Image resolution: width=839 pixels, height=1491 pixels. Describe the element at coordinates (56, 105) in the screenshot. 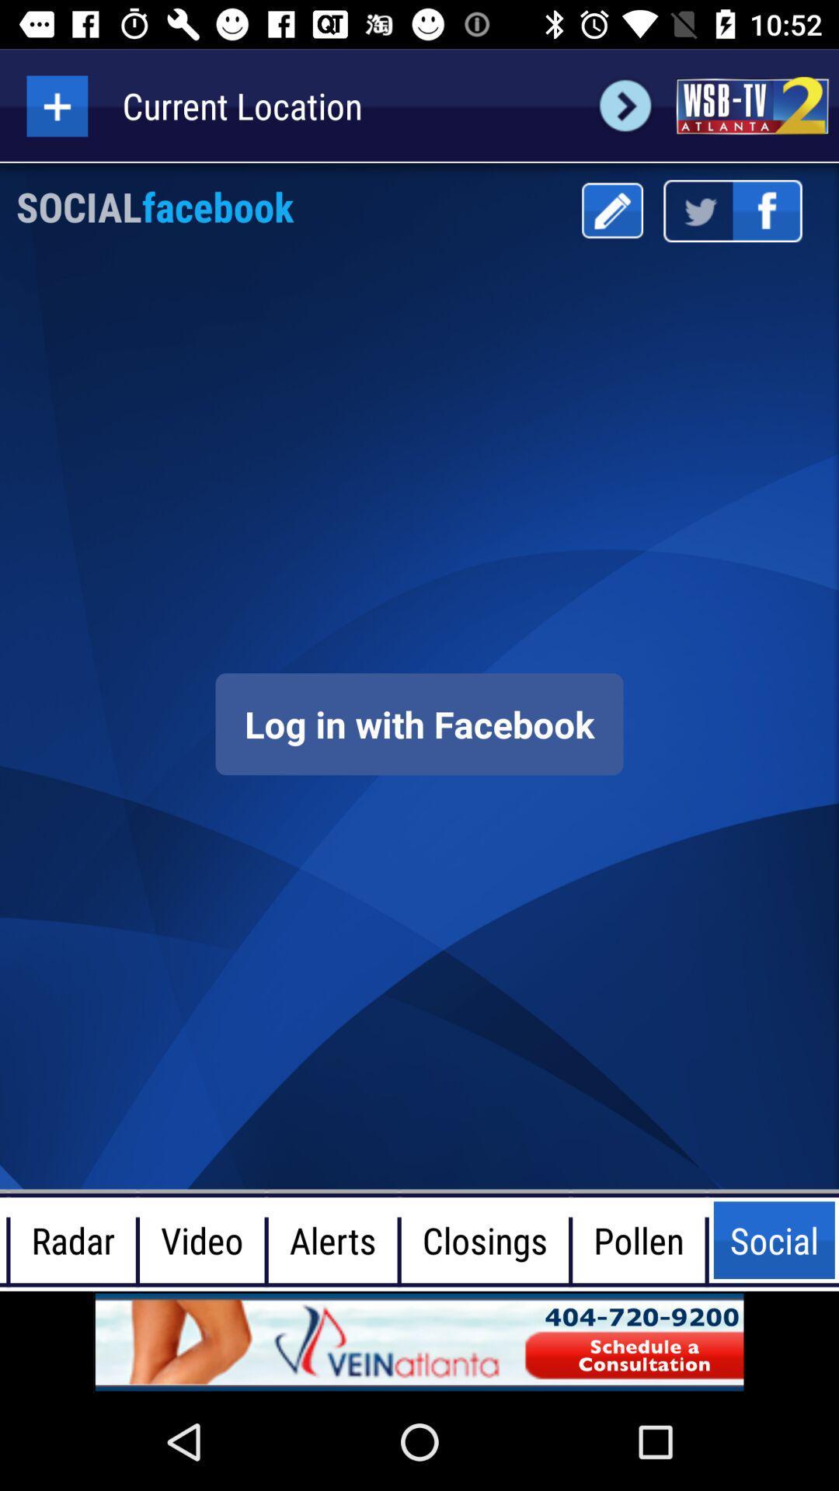

I see `the add icon` at that location.